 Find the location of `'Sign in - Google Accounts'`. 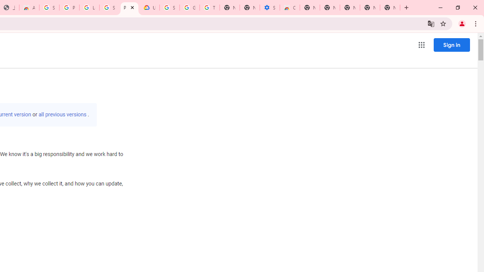

'Sign in - Google Accounts' is located at coordinates (49, 8).